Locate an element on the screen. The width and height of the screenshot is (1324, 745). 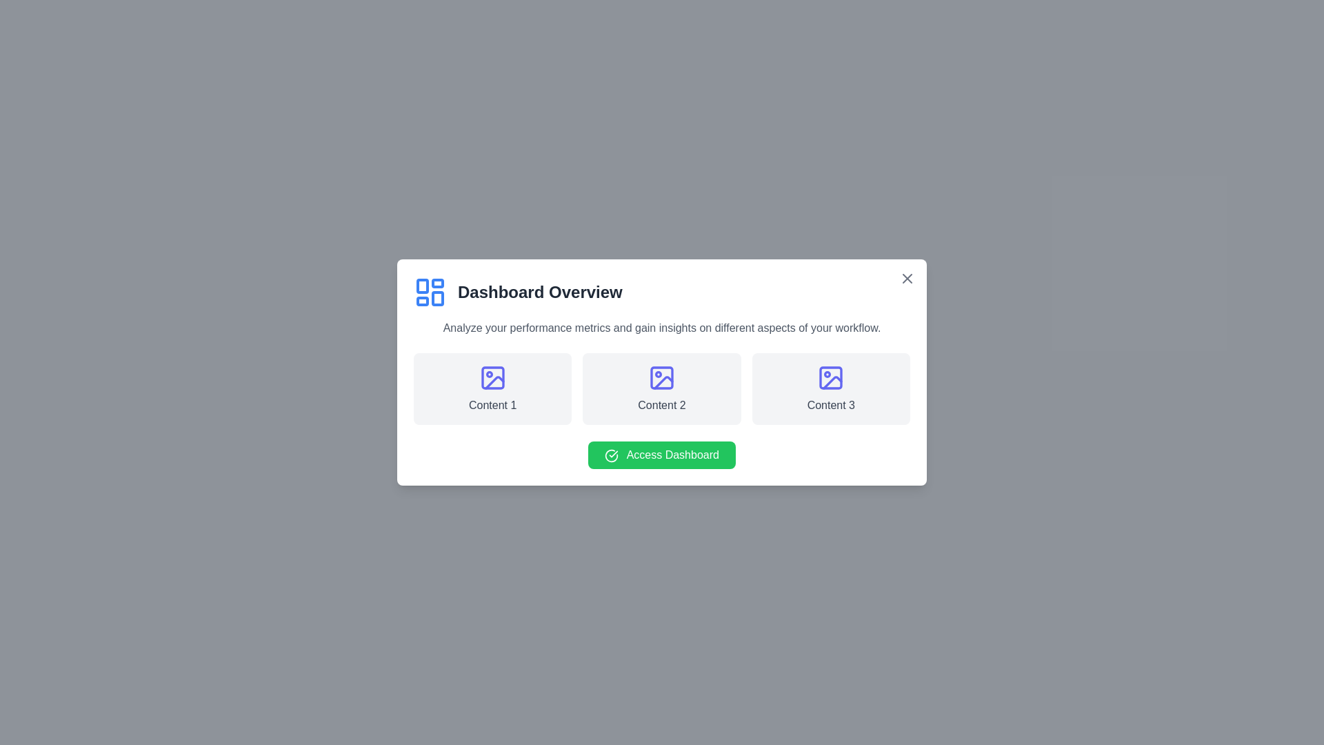
close button located at the top-right corner of the dialog to dismiss it is located at coordinates (907, 279).